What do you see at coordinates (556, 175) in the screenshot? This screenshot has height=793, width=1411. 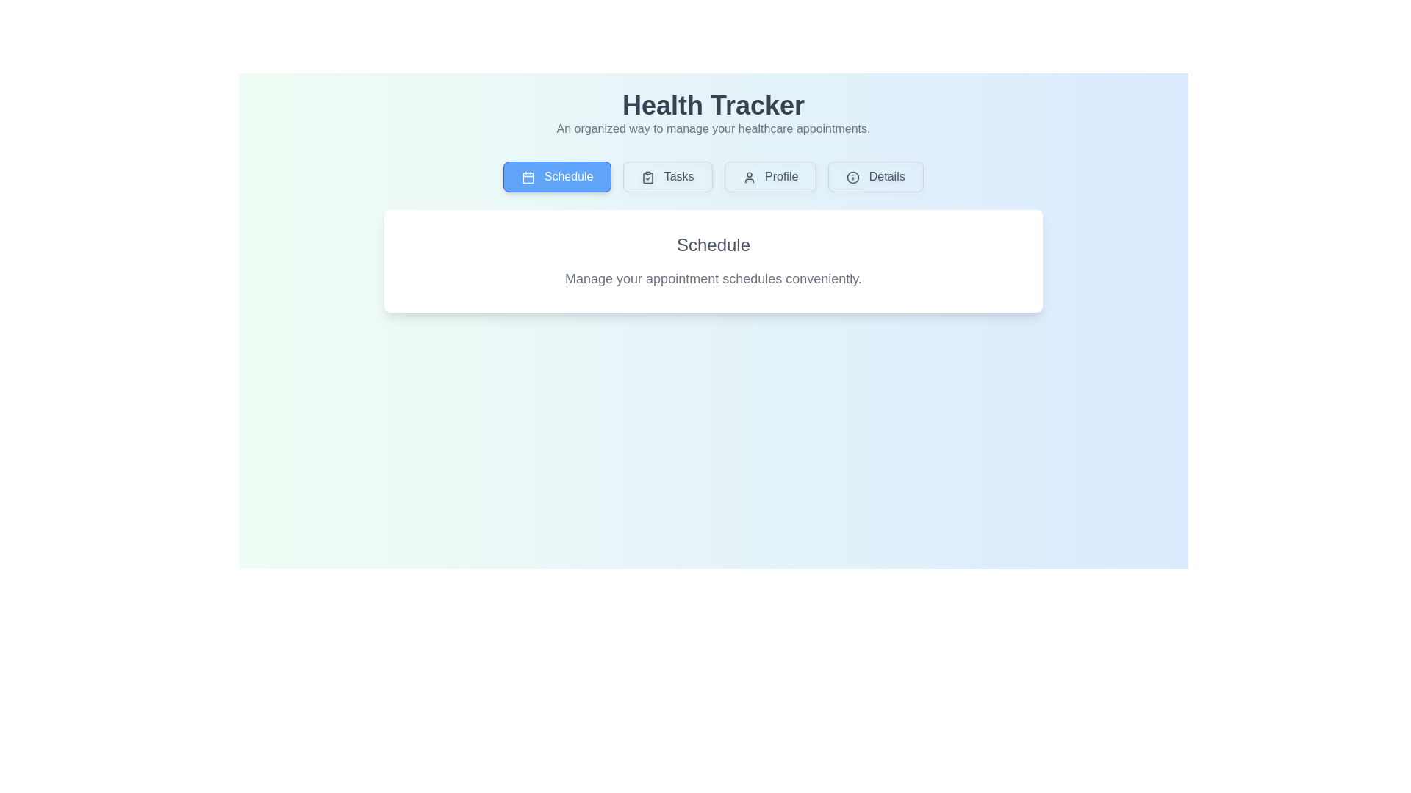 I see `the Schedule tab by clicking on its button` at bounding box center [556, 175].